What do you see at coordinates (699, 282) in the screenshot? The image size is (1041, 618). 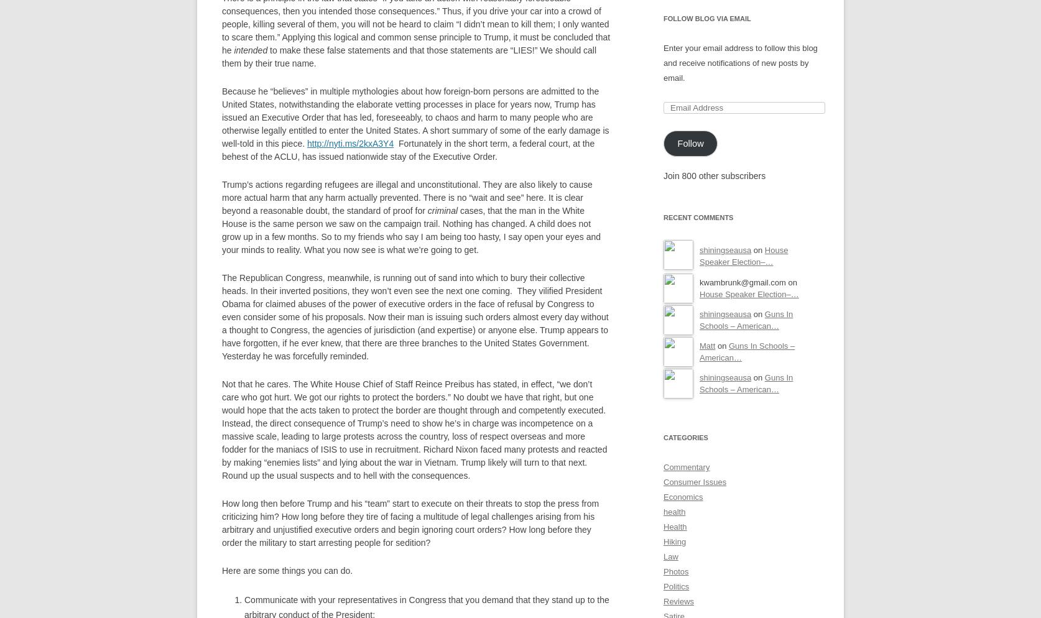 I see `'kwambrunk@gmail.com on'` at bounding box center [699, 282].